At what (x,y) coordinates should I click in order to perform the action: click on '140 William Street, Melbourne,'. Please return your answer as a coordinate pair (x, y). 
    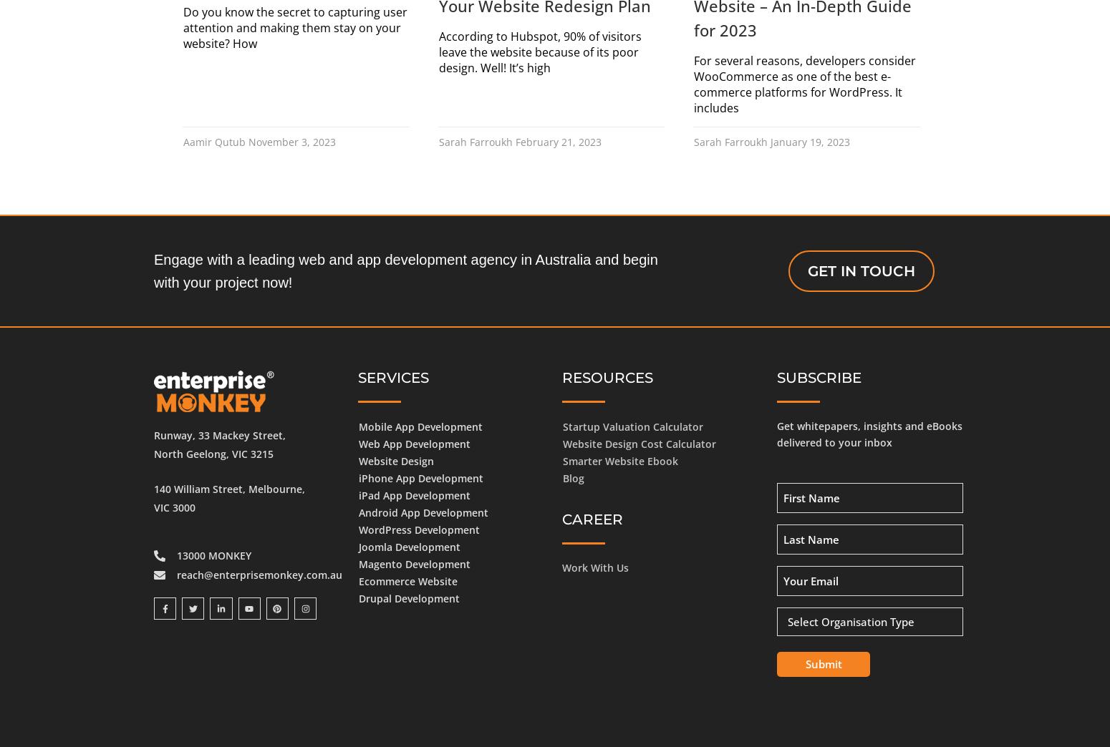
    Looking at the image, I should click on (228, 488).